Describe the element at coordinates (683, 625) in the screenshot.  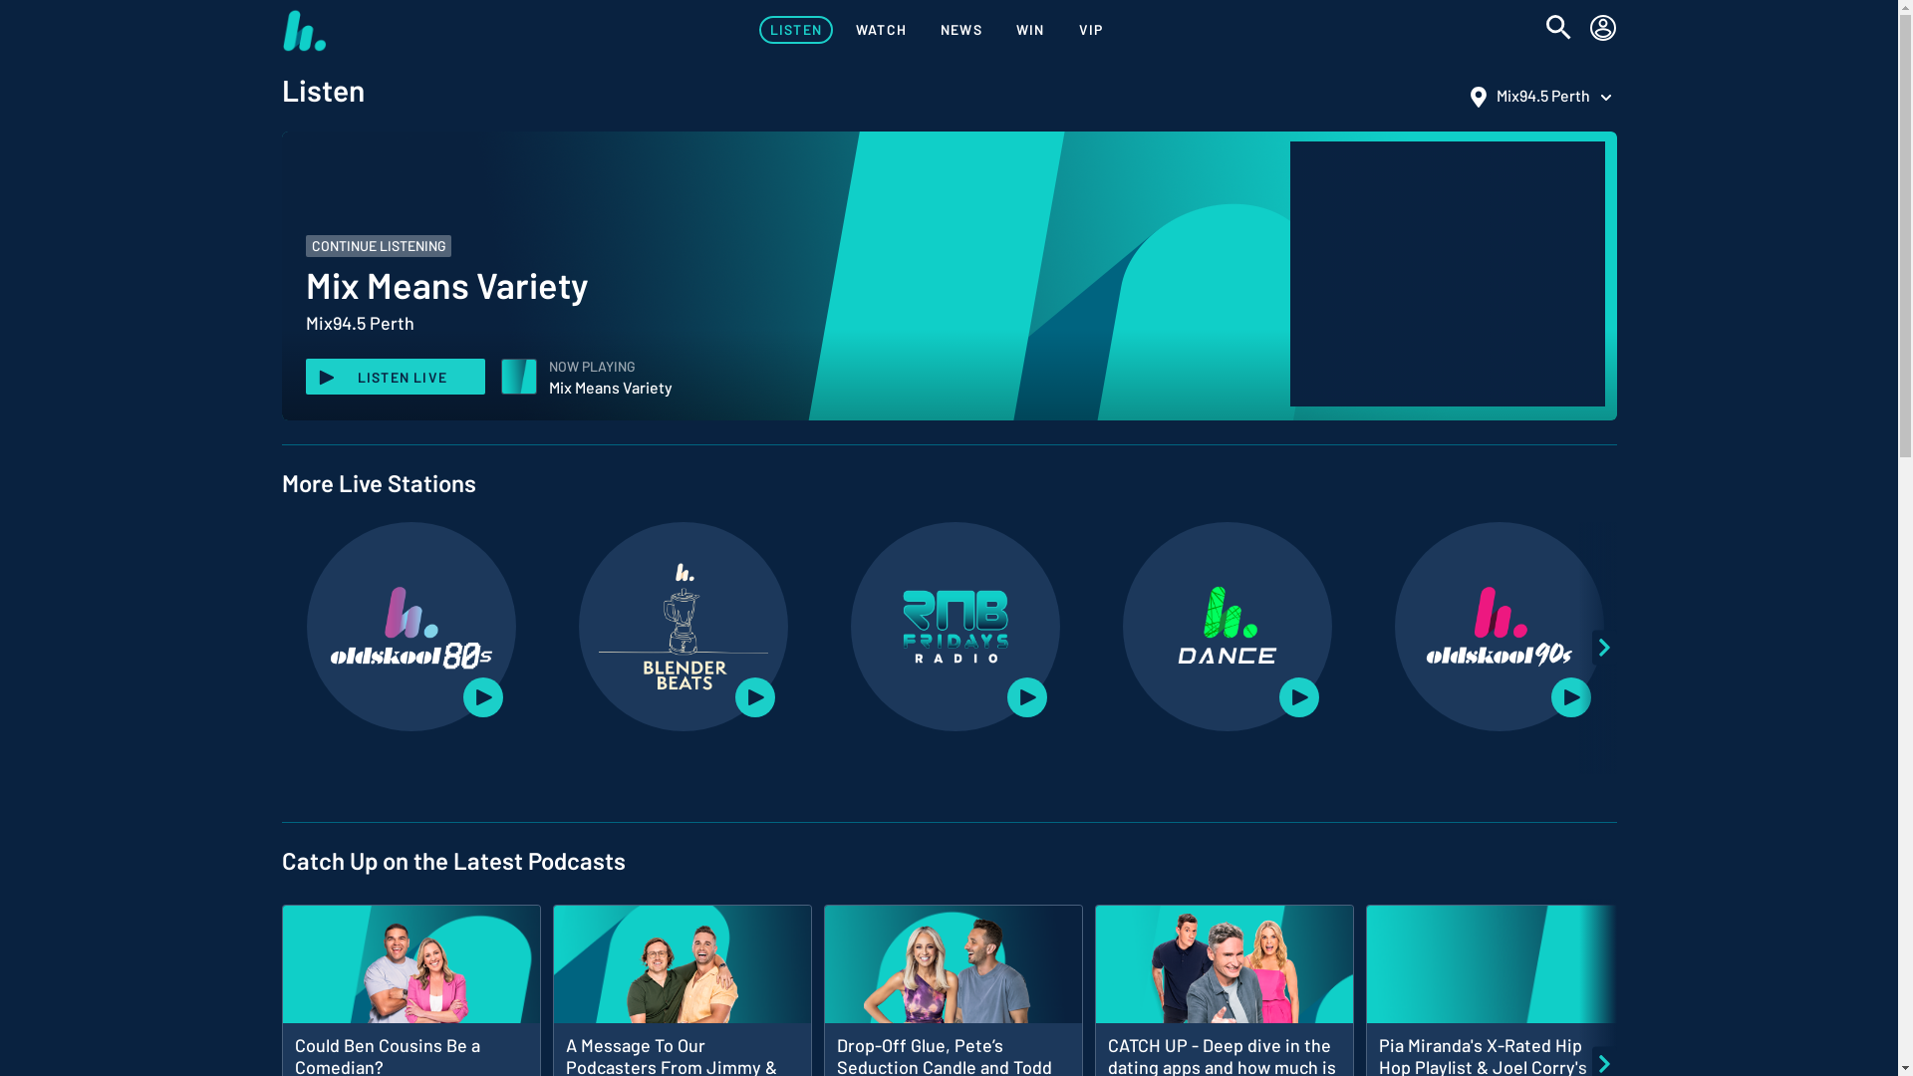
I see `'Blender Beats'` at that location.